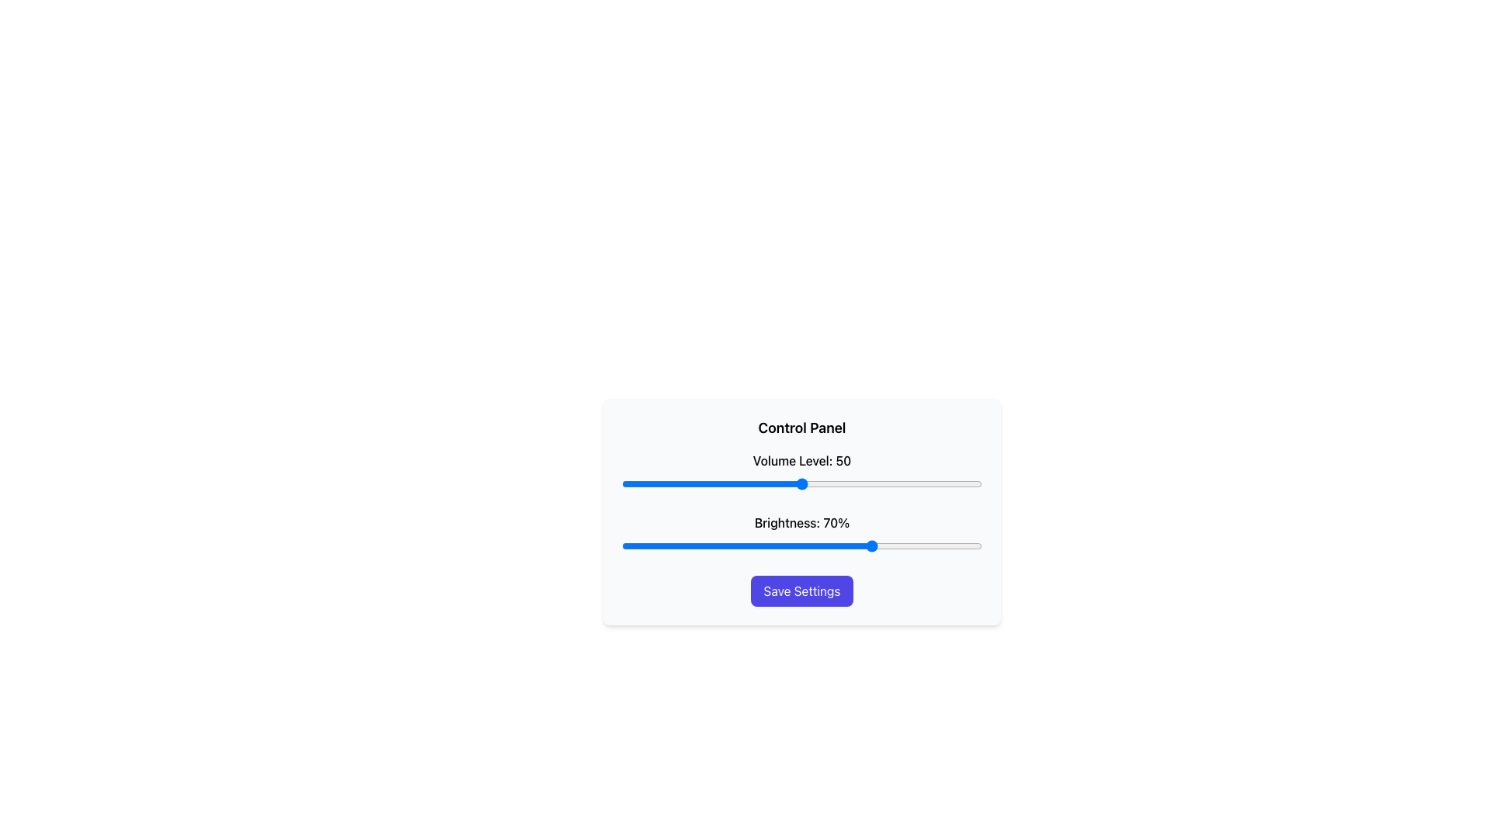  What do you see at coordinates (967, 483) in the screenshot?
I see `the volume level` at bounding box center [967, 483].